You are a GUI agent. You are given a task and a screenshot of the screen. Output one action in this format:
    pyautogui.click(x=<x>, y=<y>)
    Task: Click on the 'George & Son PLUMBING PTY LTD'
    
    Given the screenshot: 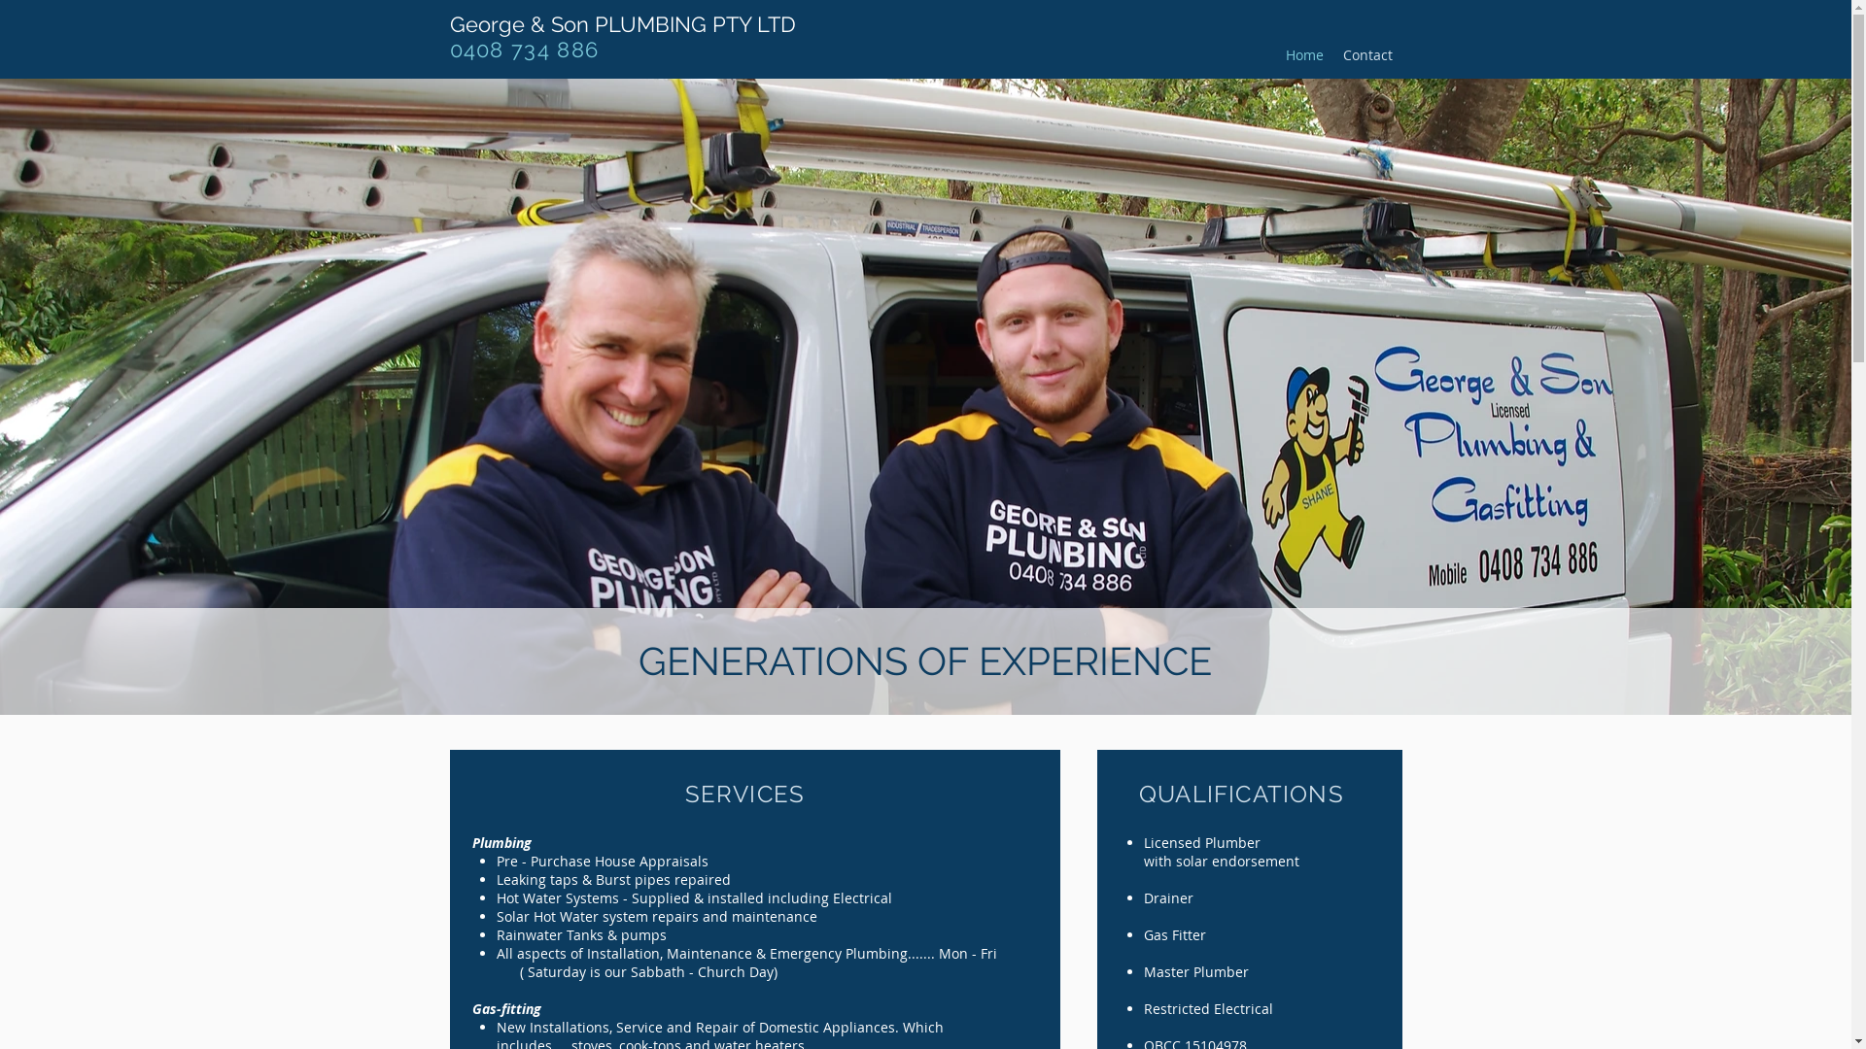 What is the action you would take?
    pyautogui.click(x=620, y=23)
    